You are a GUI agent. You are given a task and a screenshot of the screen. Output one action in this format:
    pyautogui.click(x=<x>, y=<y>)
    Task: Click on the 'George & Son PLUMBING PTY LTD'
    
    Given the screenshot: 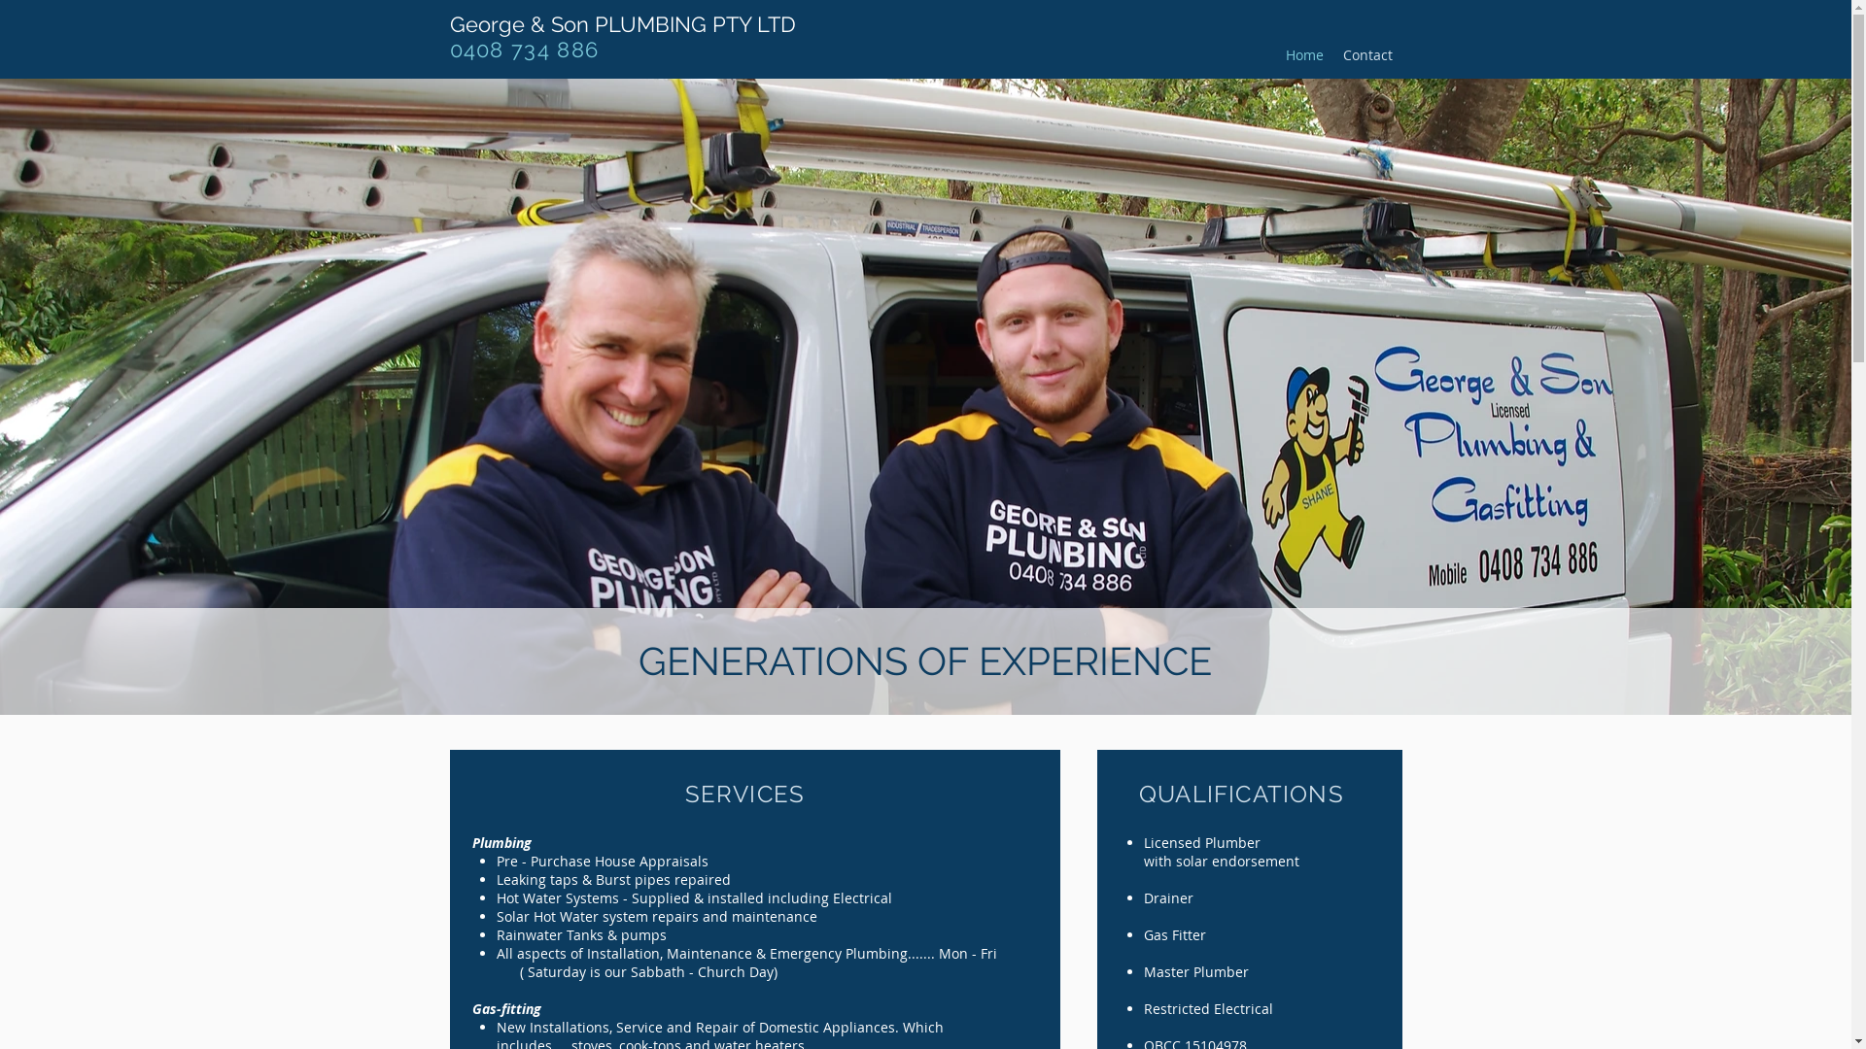 What is the action you would take?
    pyautogui.click(x=620, y=23)
    